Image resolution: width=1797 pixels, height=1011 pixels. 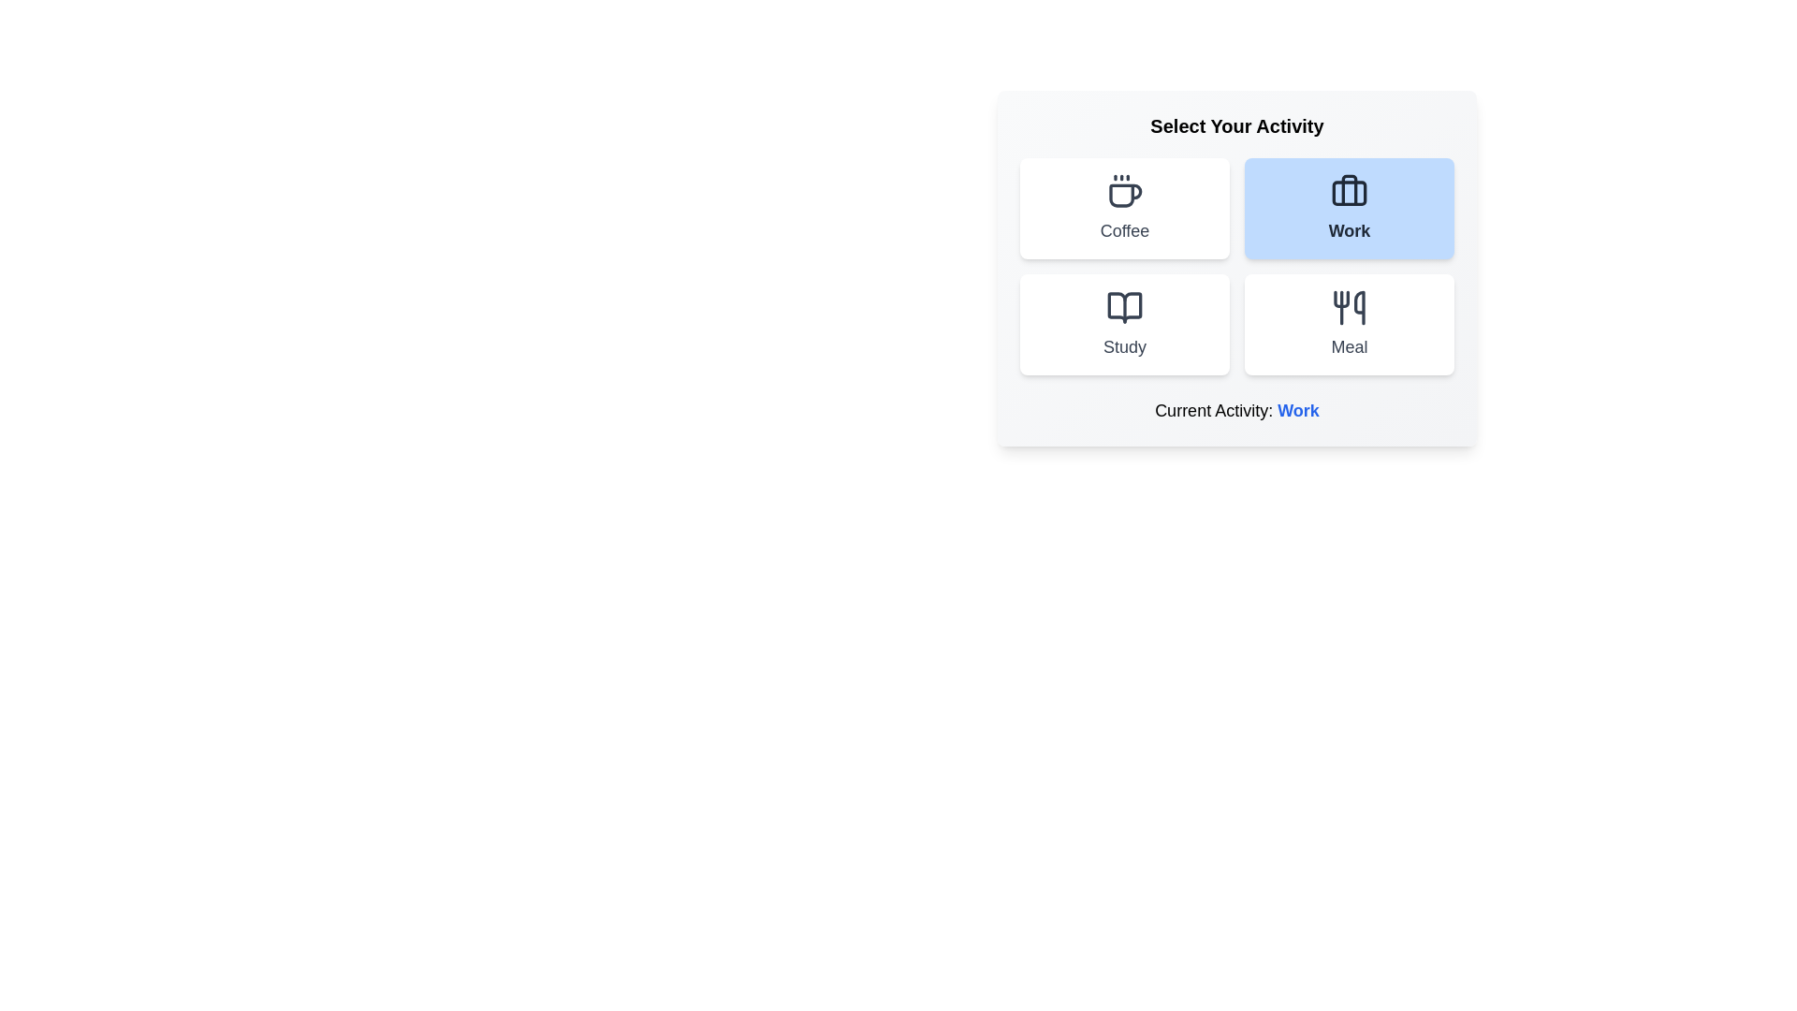 I want to click on the activity button labeled Coffee, so click(x=1123, y=209).